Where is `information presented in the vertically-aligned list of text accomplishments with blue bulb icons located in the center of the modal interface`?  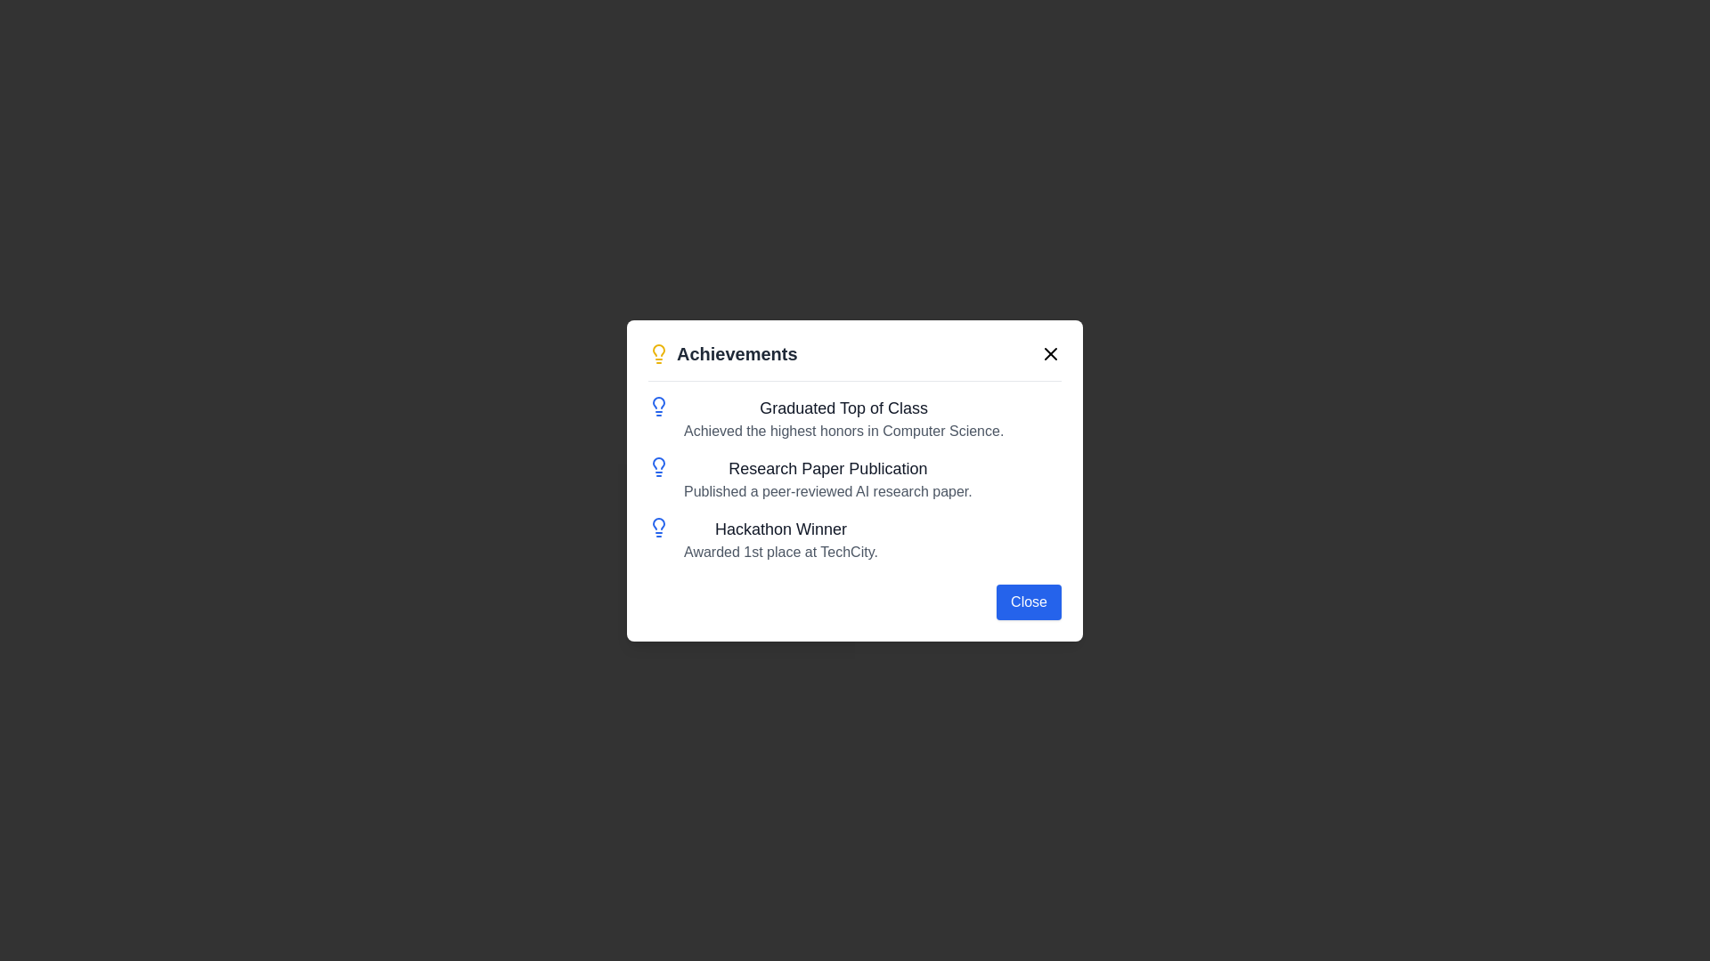 information presented in the vertically-aligned list of text accomplishments with blue bulb icons located in the center of the modal interface is located at coordinates (855, 477).